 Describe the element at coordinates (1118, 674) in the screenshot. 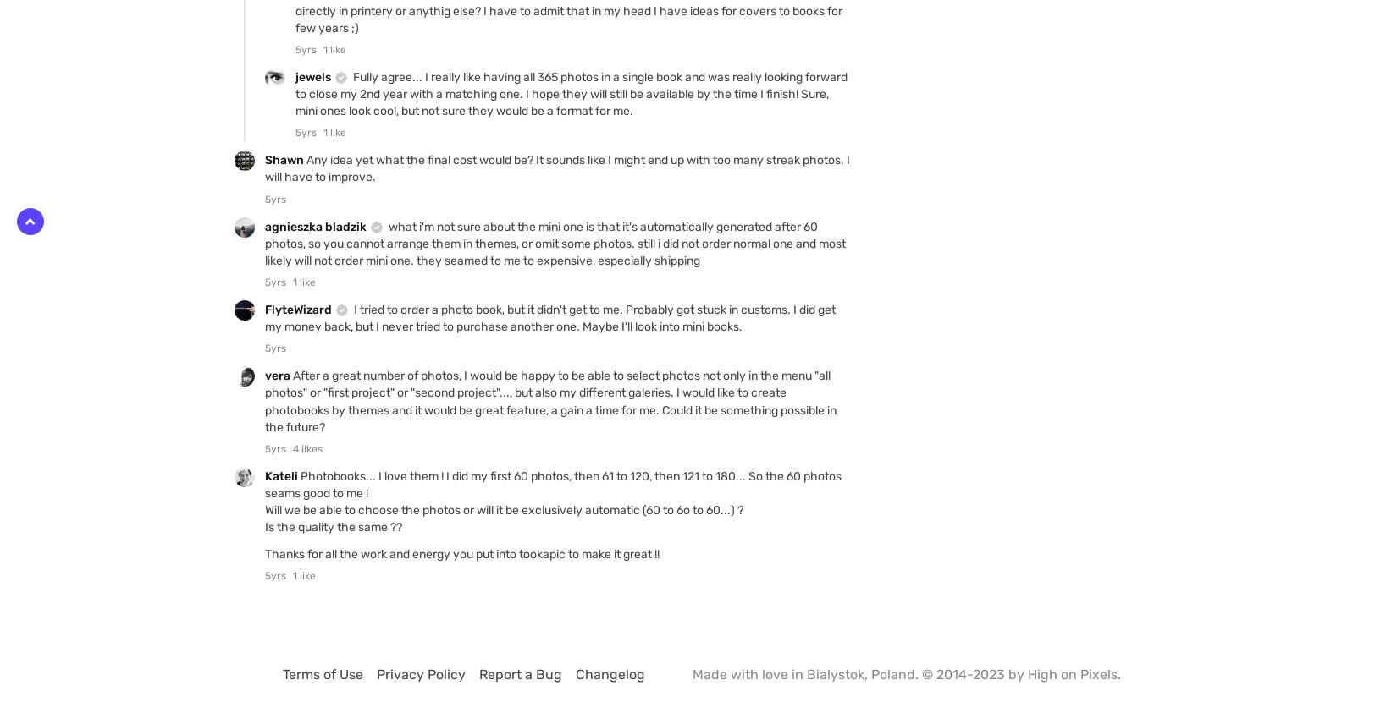

I see `'.'` at that location.